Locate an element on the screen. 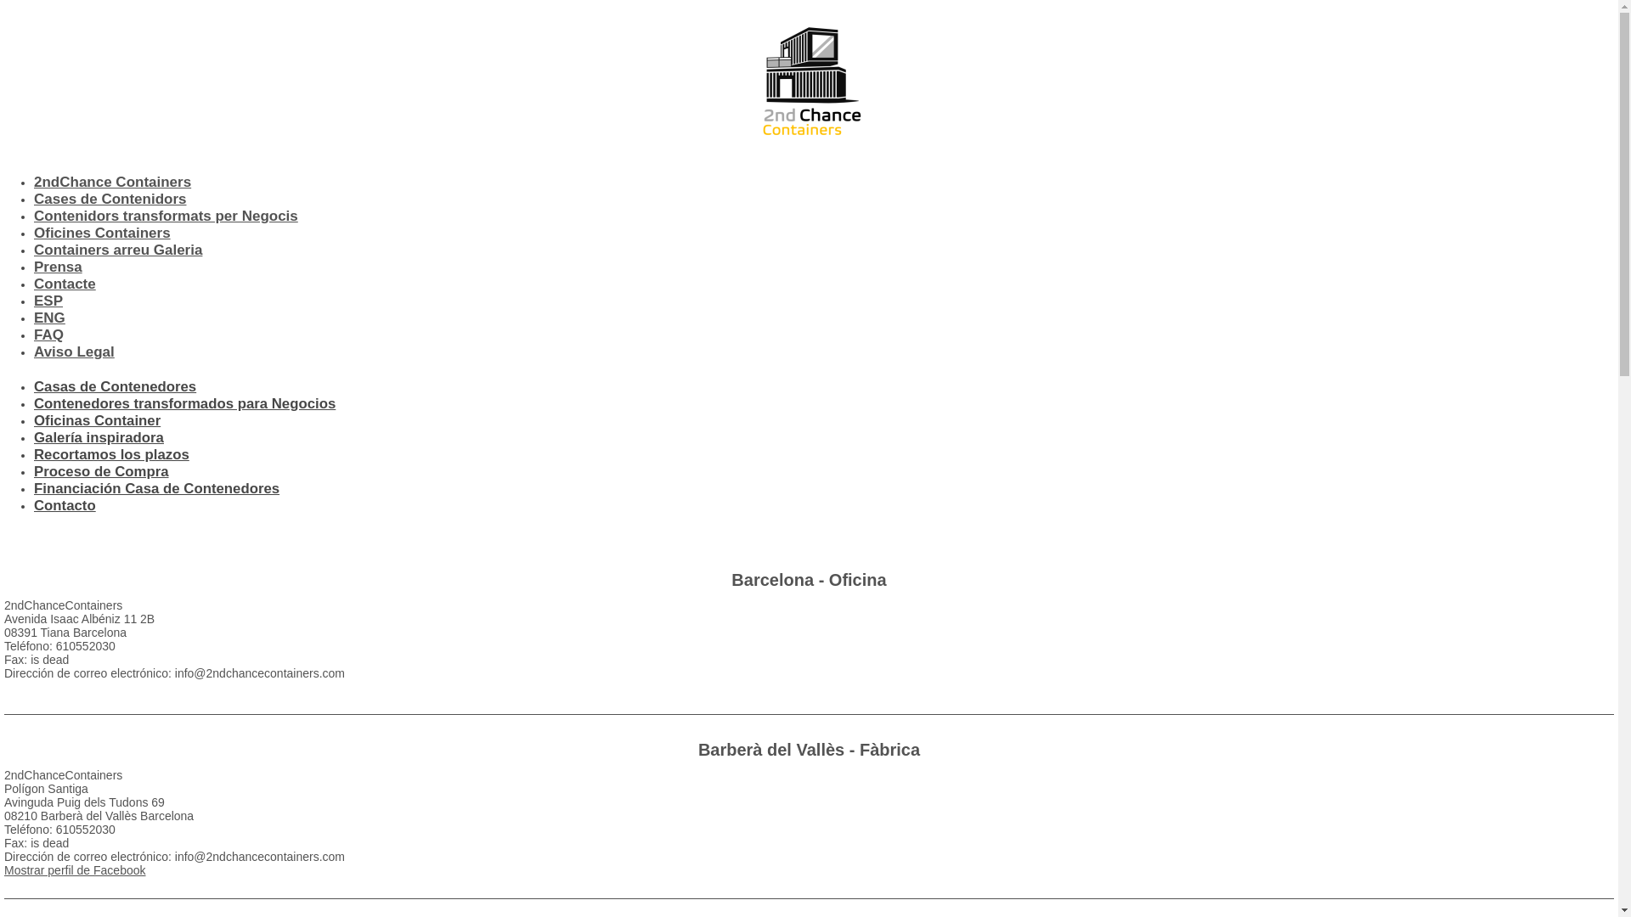 The height and width of the screenshot is (917, 1631). 'Contacte' is located at coordinates (65, 283).